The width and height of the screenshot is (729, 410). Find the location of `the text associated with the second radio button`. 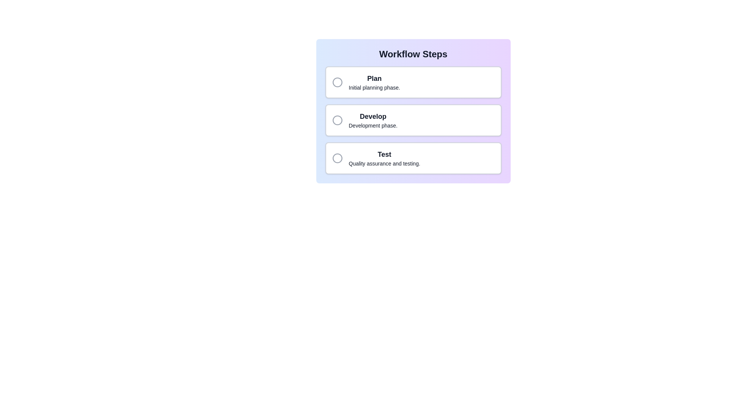

the text associated with the second radio button is located at coordinates (373, 120).